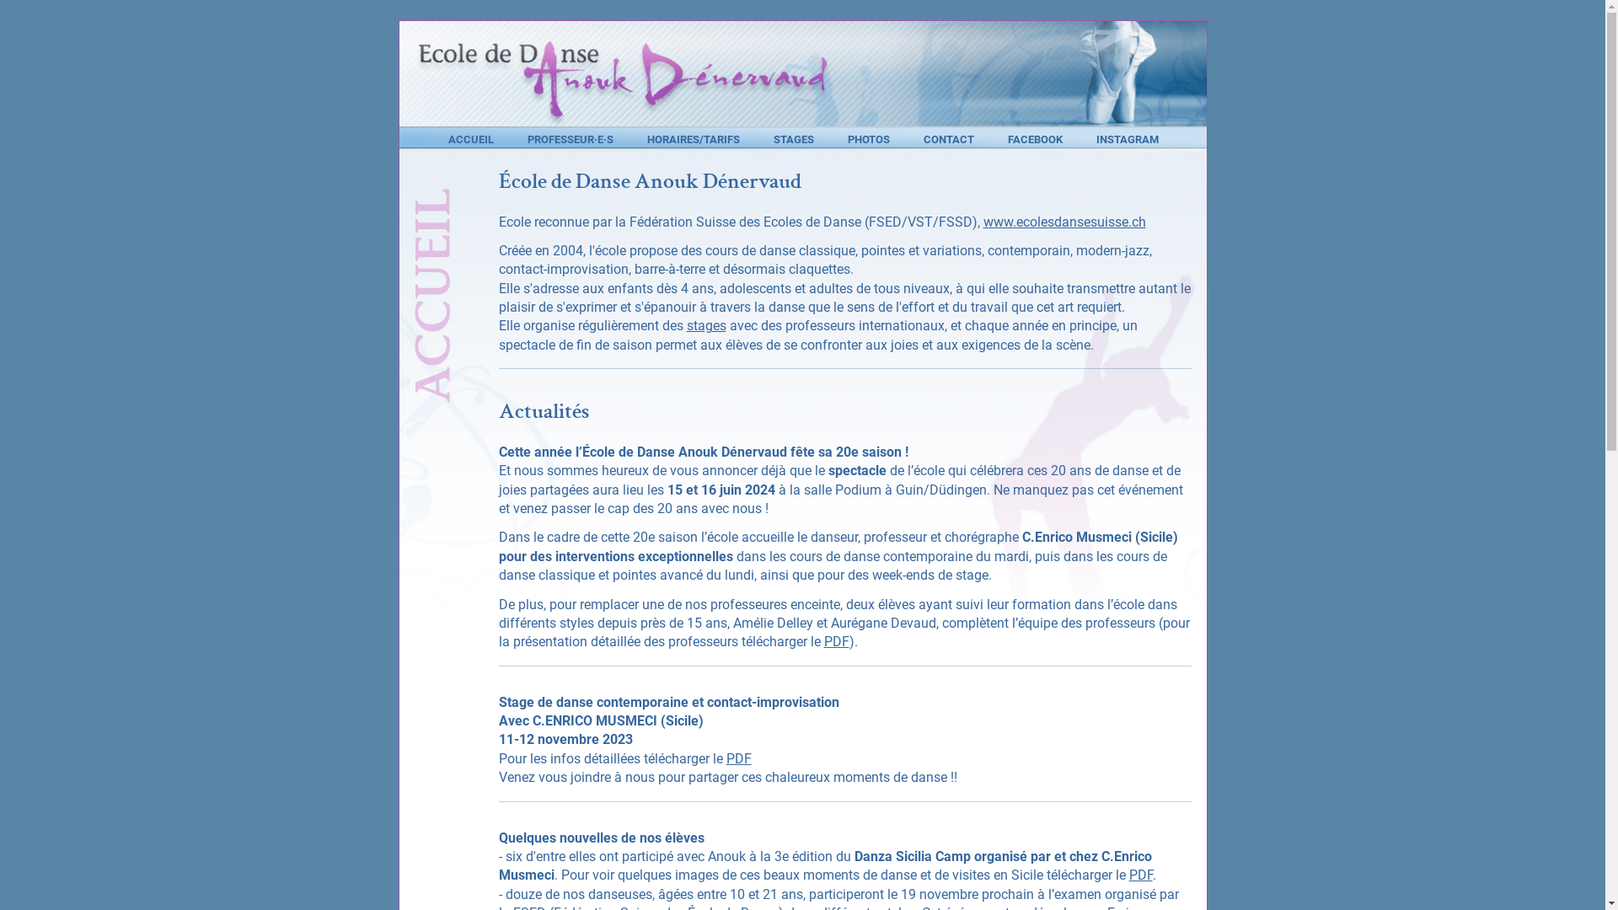 This screenshot has height=910, width=1618. Describe the element at coordinates (949, 138) in the screenshot. I see `'CONTACT'` at that location.